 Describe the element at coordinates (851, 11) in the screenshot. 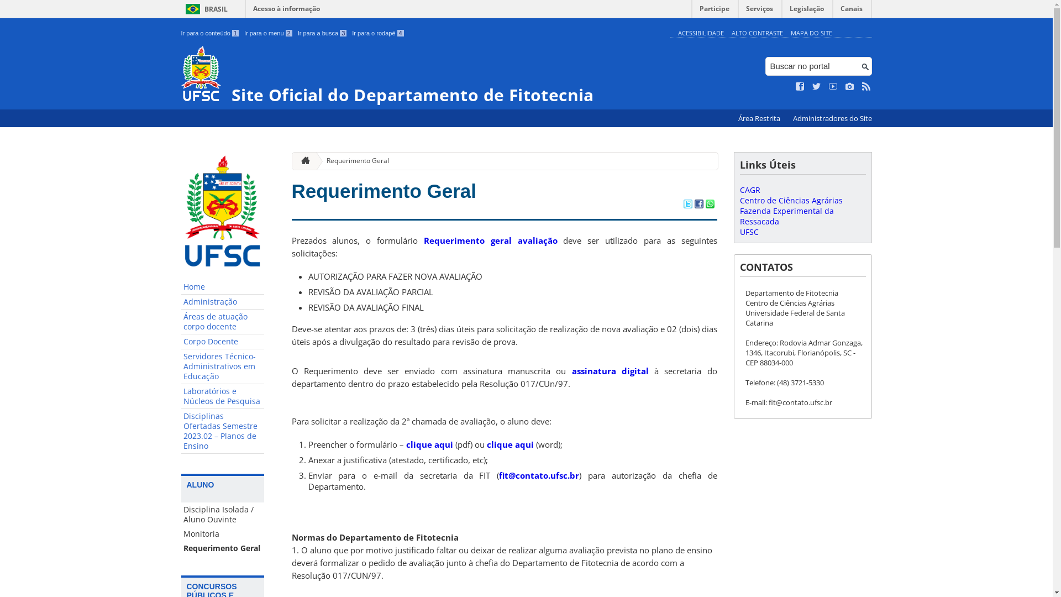

I see `'Canais'` at that location.